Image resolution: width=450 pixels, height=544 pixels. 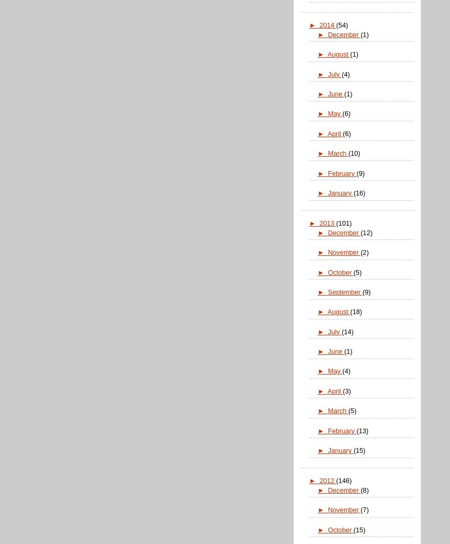 What do you see at coordinates (364, 510) in the screenshot?
I see `'(7)'` at bounding box center [364, 510].